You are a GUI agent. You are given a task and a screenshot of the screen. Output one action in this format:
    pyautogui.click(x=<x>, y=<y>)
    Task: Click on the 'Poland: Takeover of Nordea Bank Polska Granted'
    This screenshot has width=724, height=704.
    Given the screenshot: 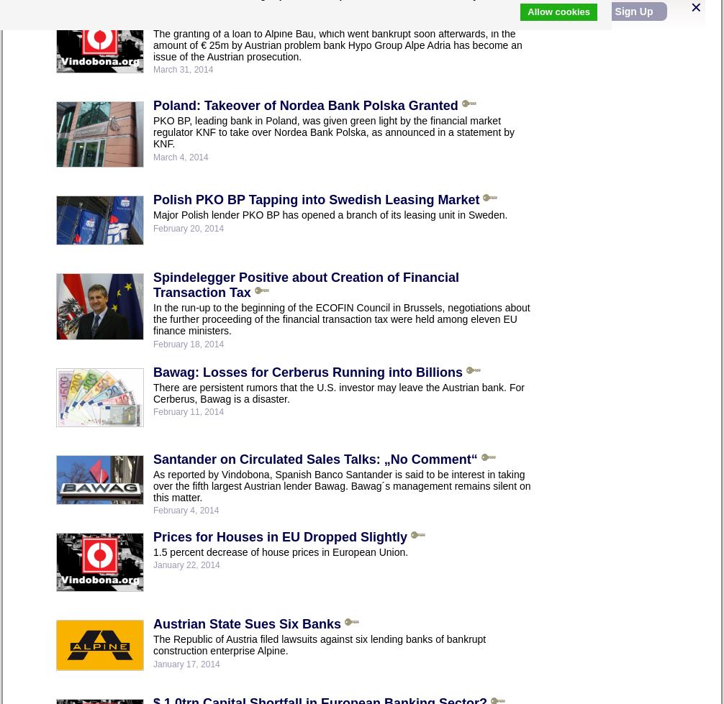 What is the action you would take?
    pyautogui.click(x=304, y=104)
    